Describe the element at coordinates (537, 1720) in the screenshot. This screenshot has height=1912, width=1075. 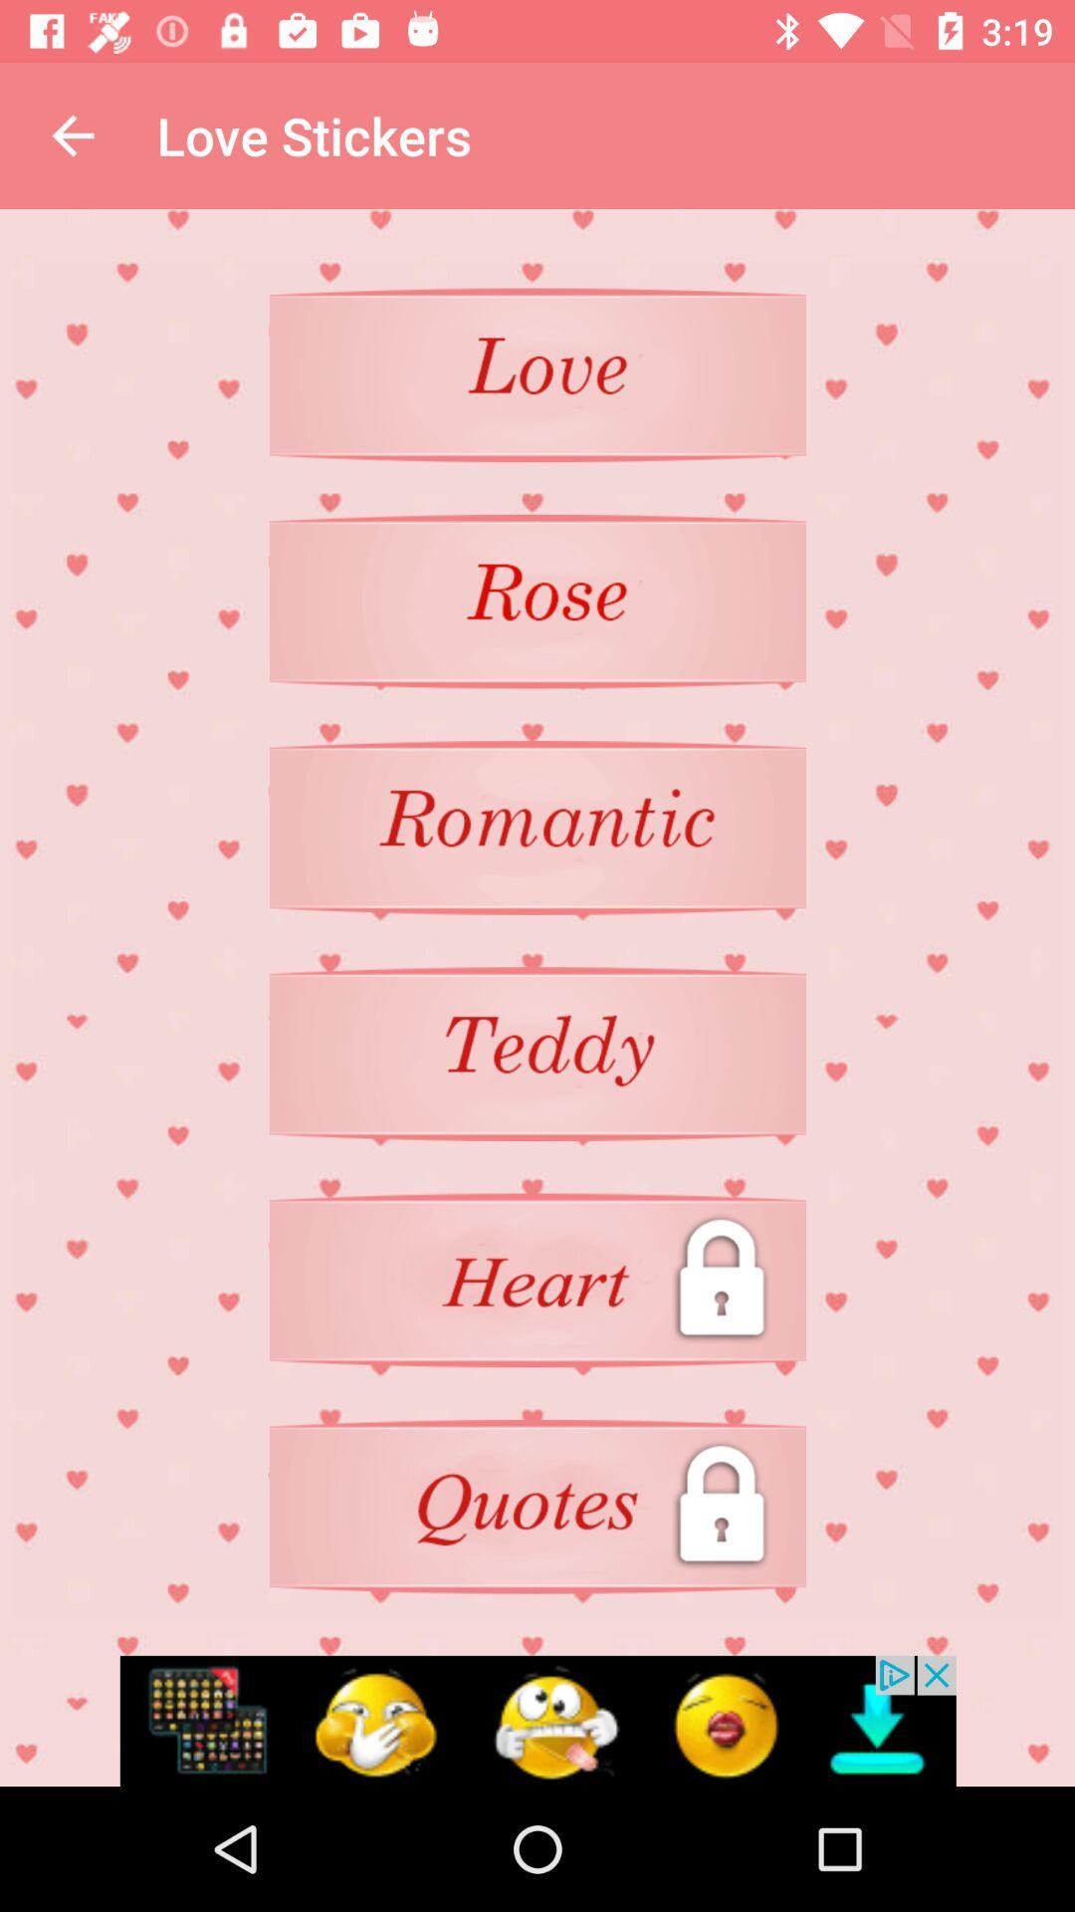
I see `click on add` at that location.